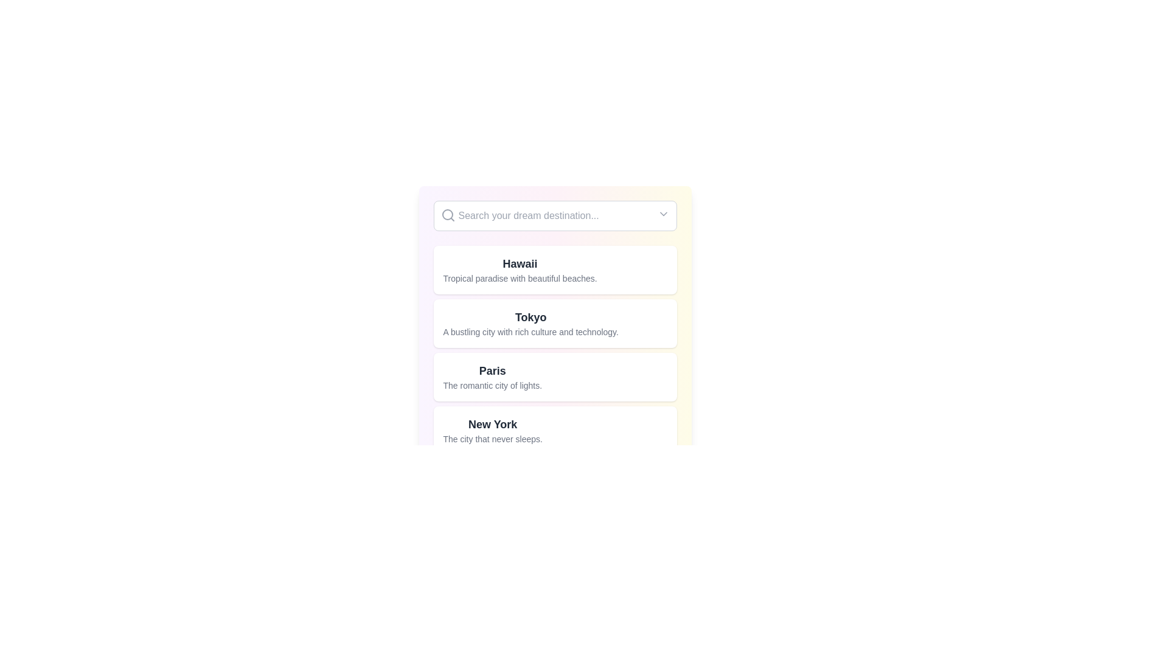 The height and width of the screenshot is (657, 1168). I want to click on the list item representing New York as a destination, so click(554, 430).